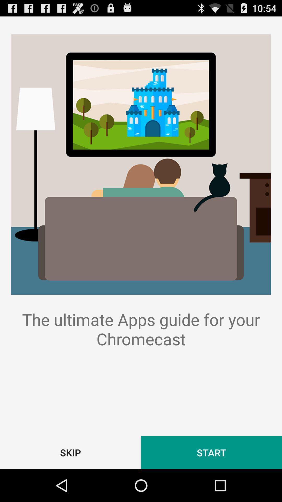 The width and height of the screenshot is (282, 502). What do you see at coordinates (211, 452) in the screenshot?
I see `the start` at bounding box center [211, 452].